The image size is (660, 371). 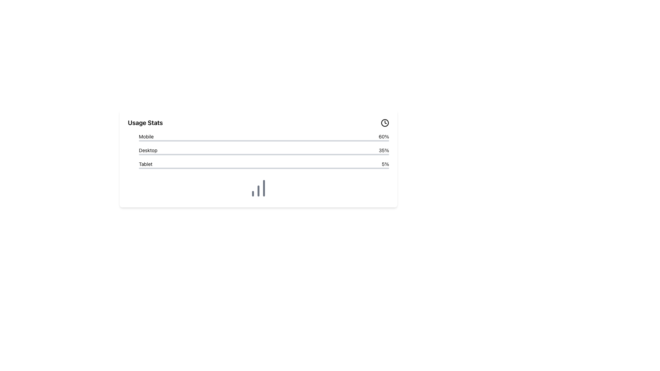 What do you see at coordinates (264, 164) in the screenshot?
I see `displayed text of the text-based information row showing 'Tablet' and '5%' in the Usage Stats section, located in the third row of the list` at bounding box center [264, 164].